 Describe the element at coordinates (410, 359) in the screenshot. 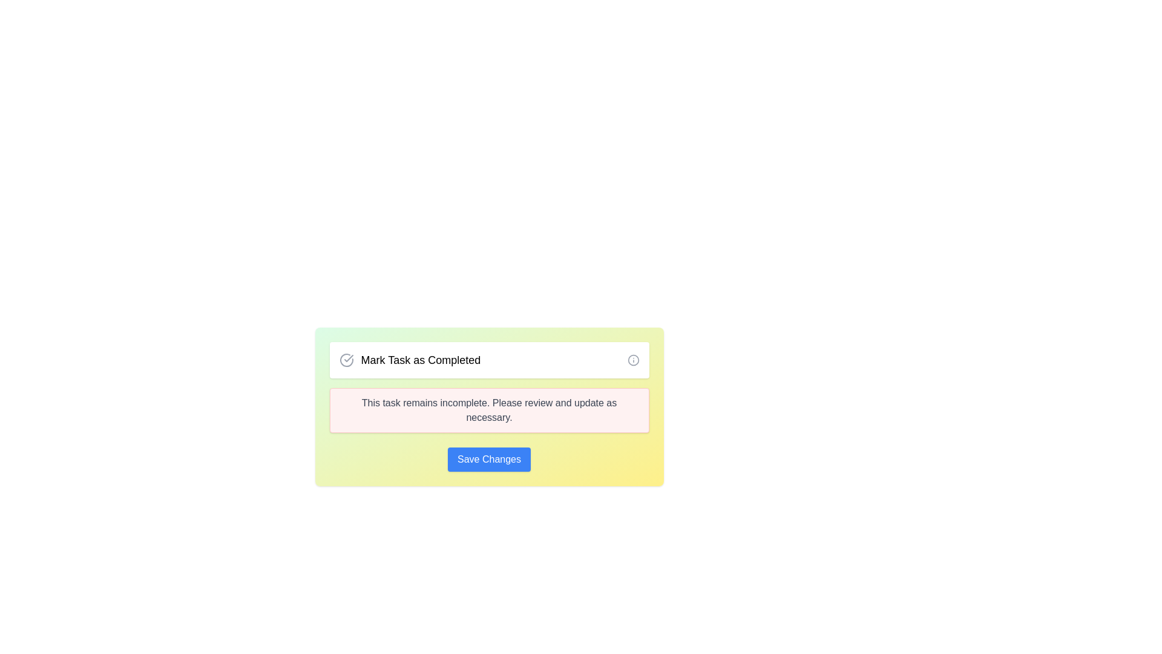

I see `the 'Mark Task as Completed' text label with a circular check icon` at that location.